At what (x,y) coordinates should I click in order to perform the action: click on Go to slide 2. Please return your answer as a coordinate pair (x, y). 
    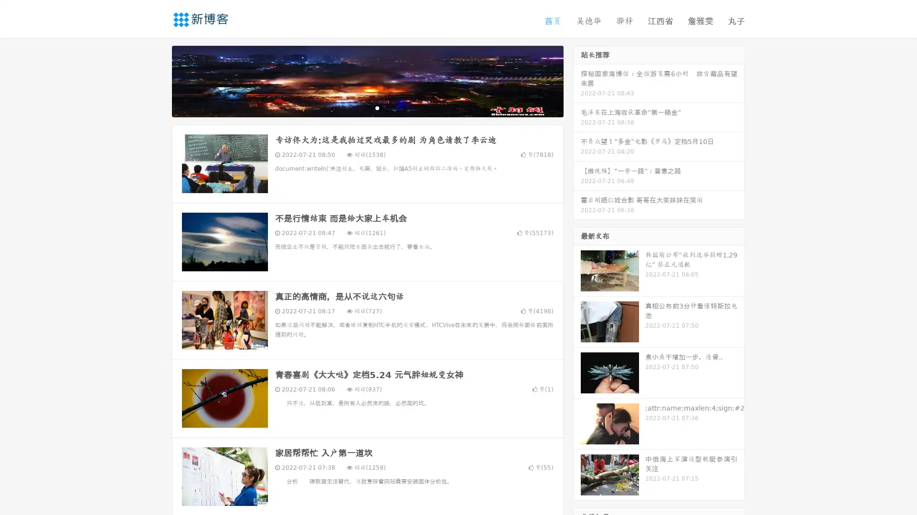
    Looking at the image, I should click on (367, 107).